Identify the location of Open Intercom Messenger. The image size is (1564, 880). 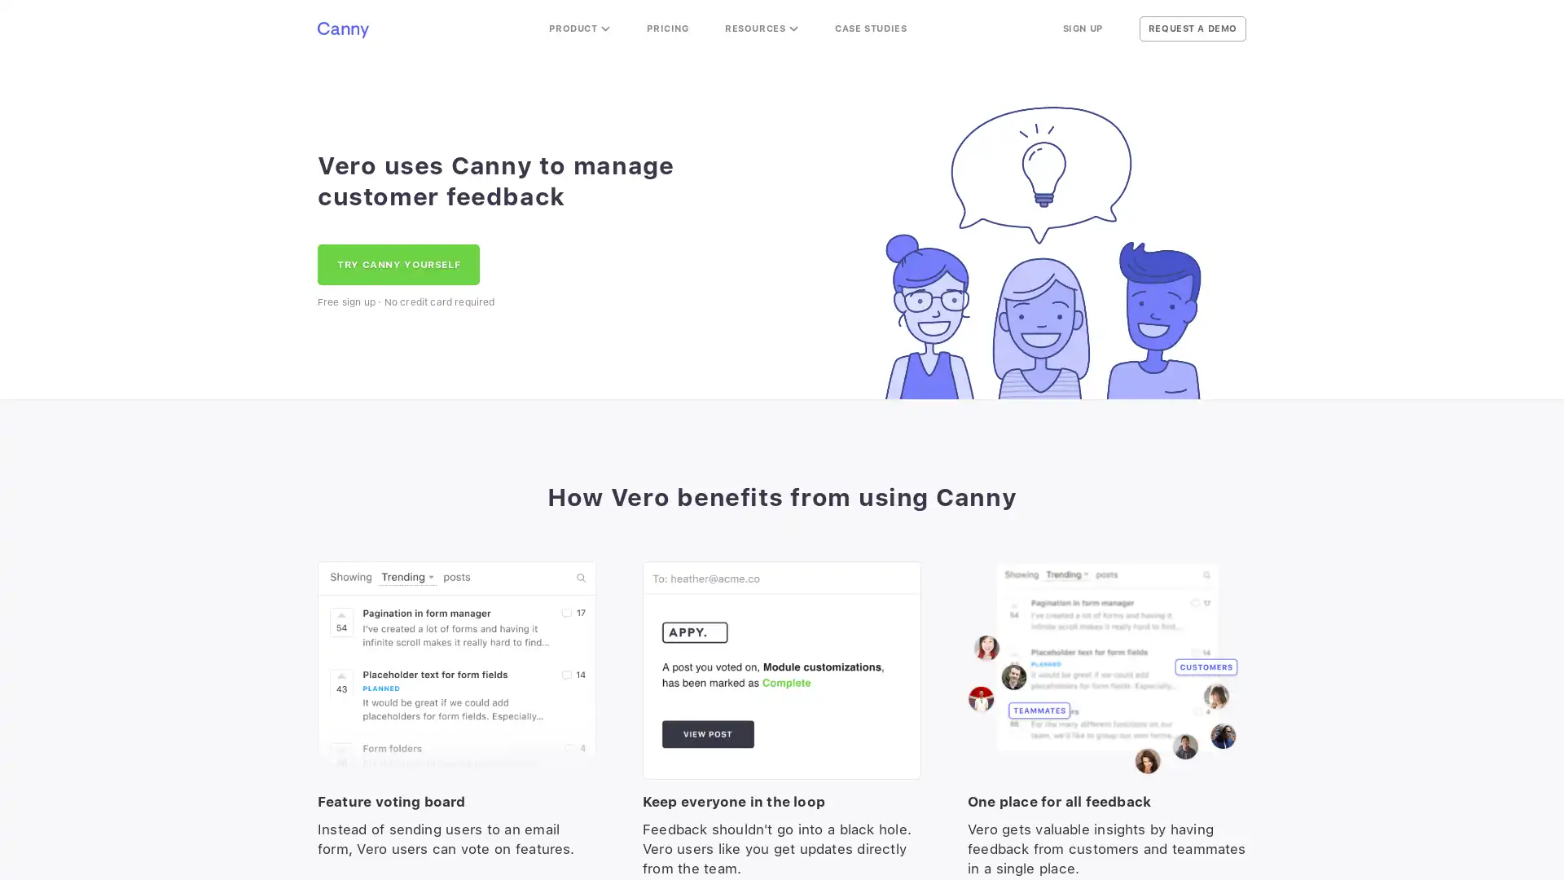
(1522, 838).